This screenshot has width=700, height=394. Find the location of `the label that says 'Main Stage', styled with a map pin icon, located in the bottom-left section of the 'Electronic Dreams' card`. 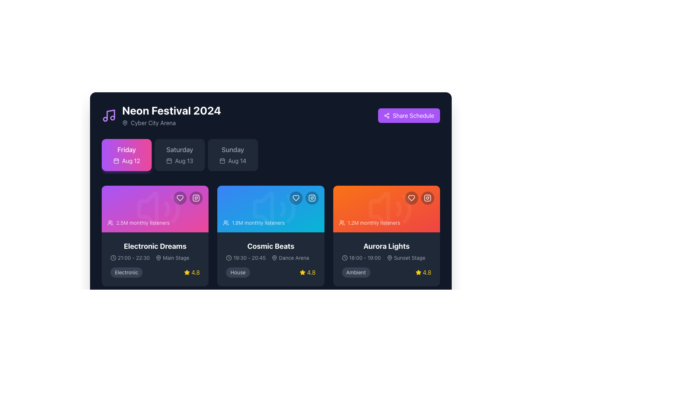

the label that says 'Main Stage', styled with a map pin icon, located in the bottom-left section of the 'Electronic Dreams' card is located at coordinates (172, 257).